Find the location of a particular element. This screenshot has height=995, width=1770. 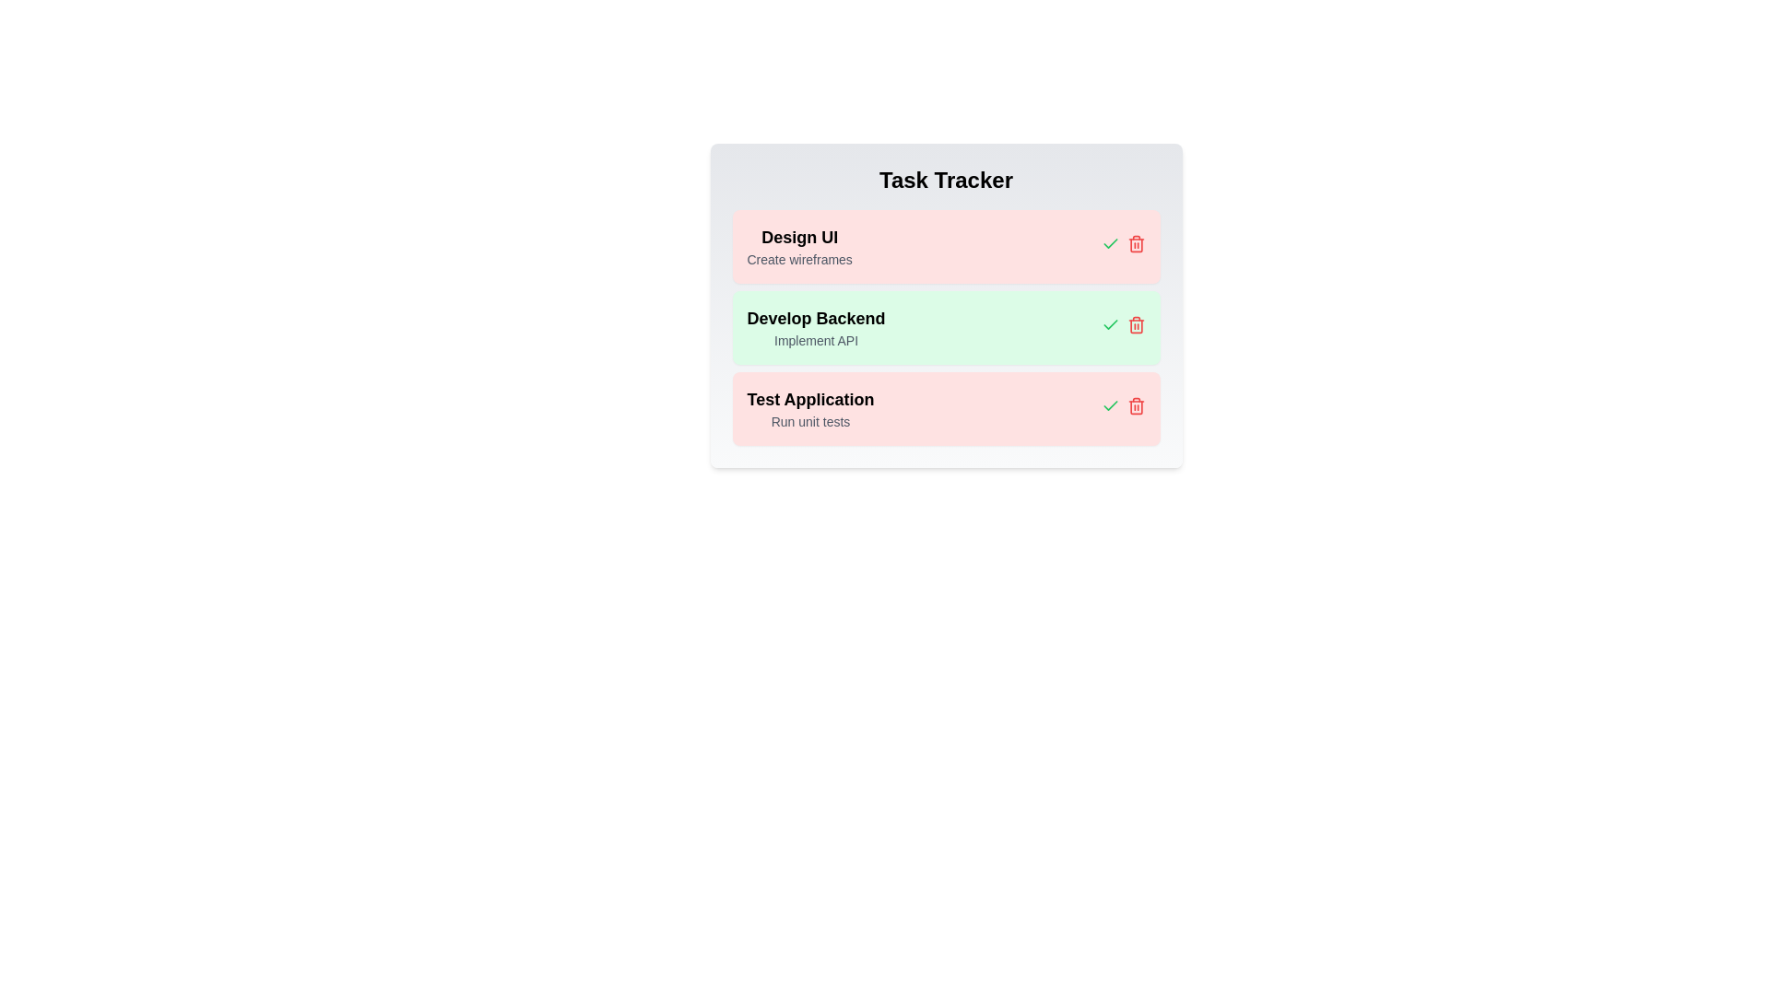

the task identified by its name Develop Backend is located at coordinates (1135, 323).